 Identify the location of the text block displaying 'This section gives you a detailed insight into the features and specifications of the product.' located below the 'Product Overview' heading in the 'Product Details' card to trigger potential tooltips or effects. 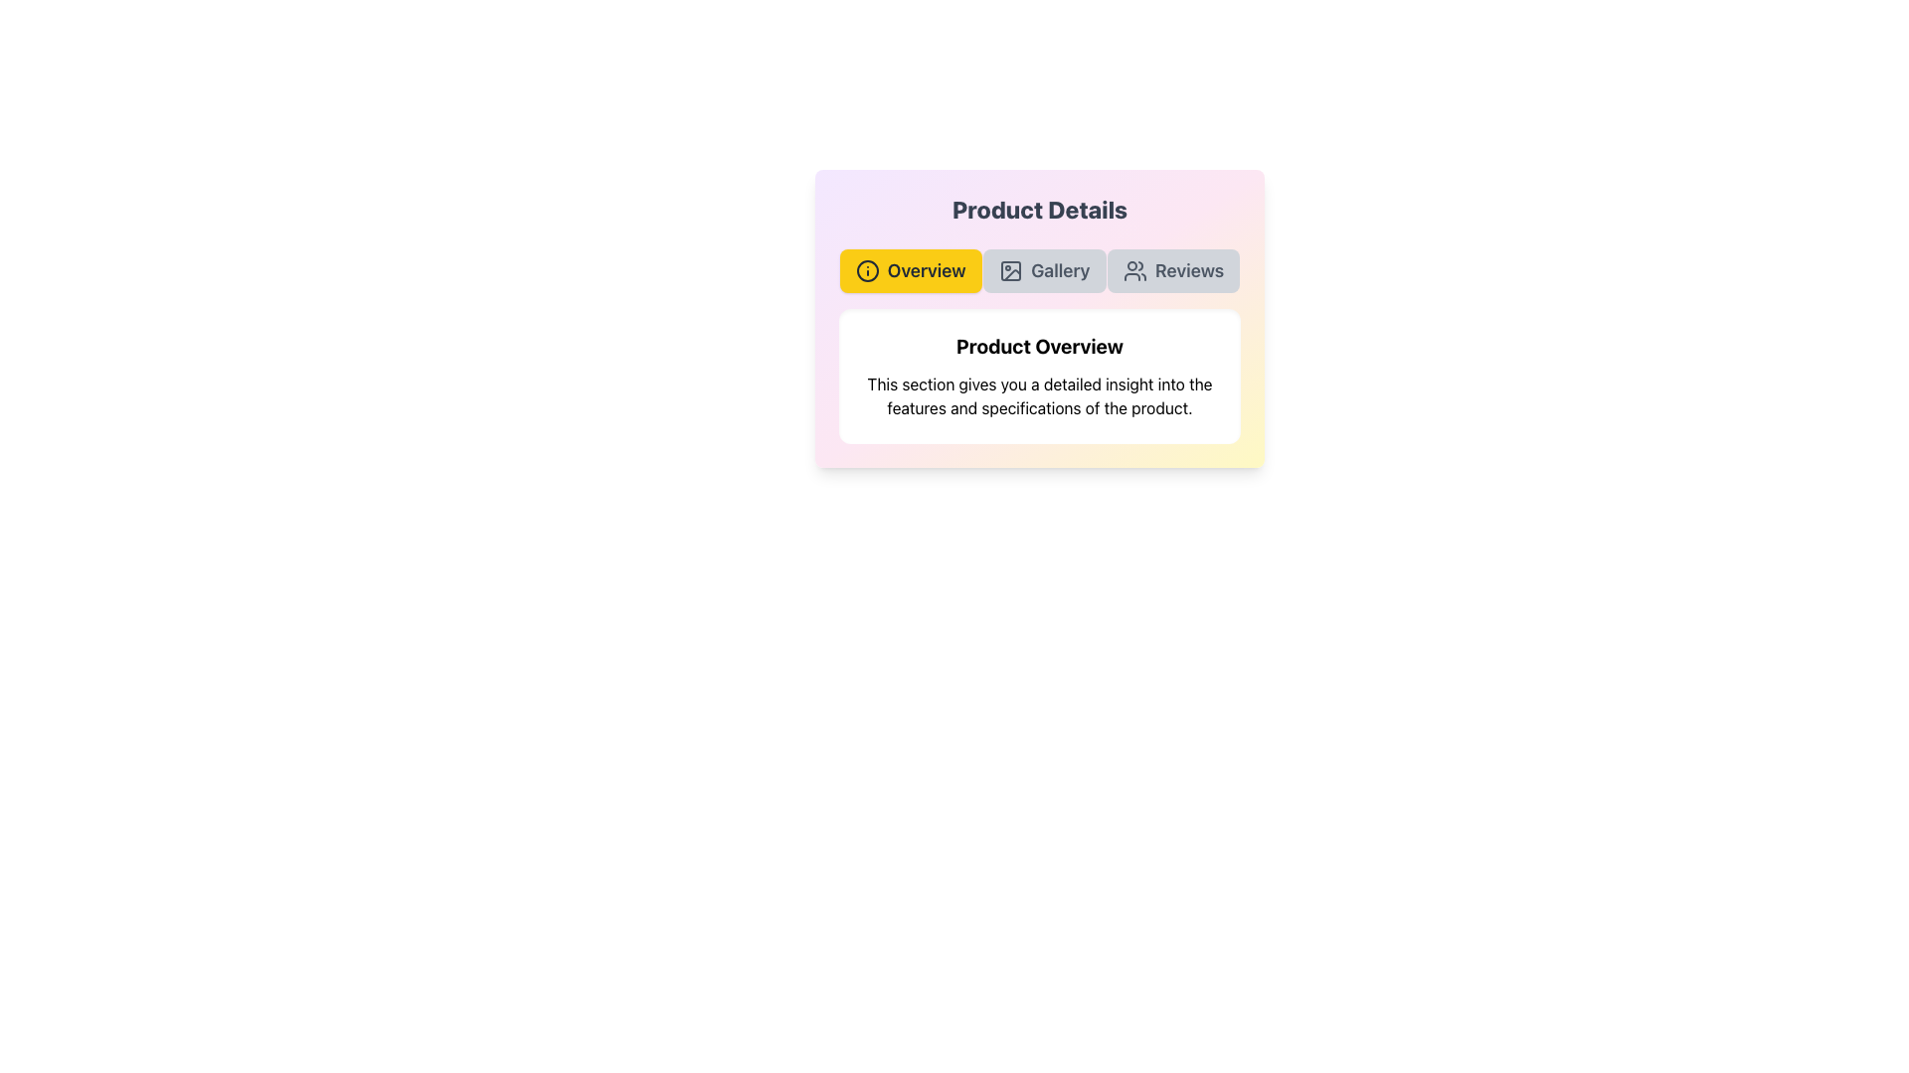
(1039, 395).